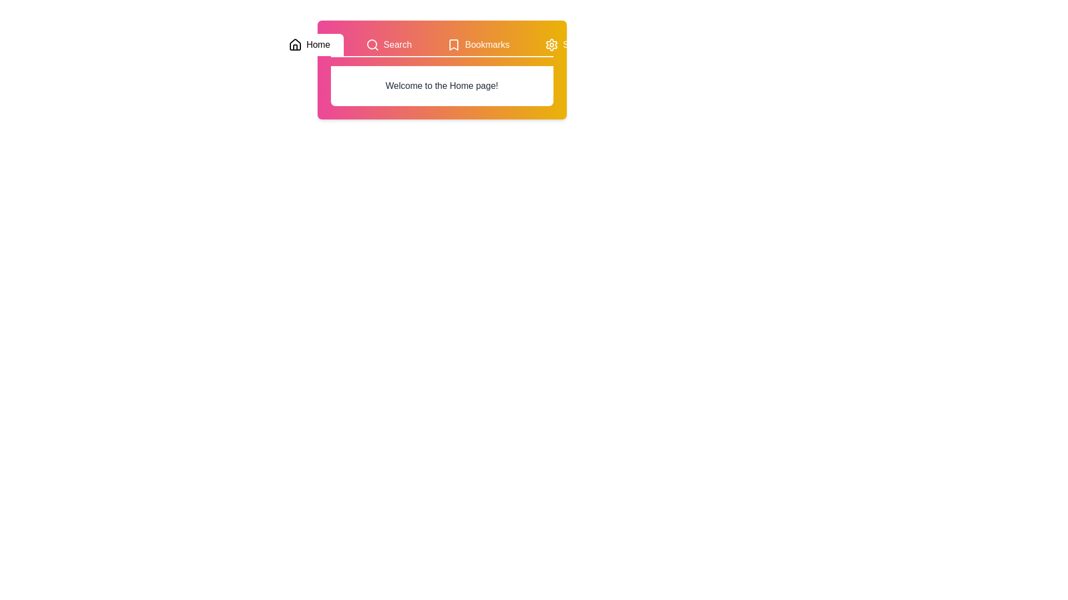  Describe the element at coordinates (570, 44) in the screenshot. I see `the Settings tab to switch views` at that location.